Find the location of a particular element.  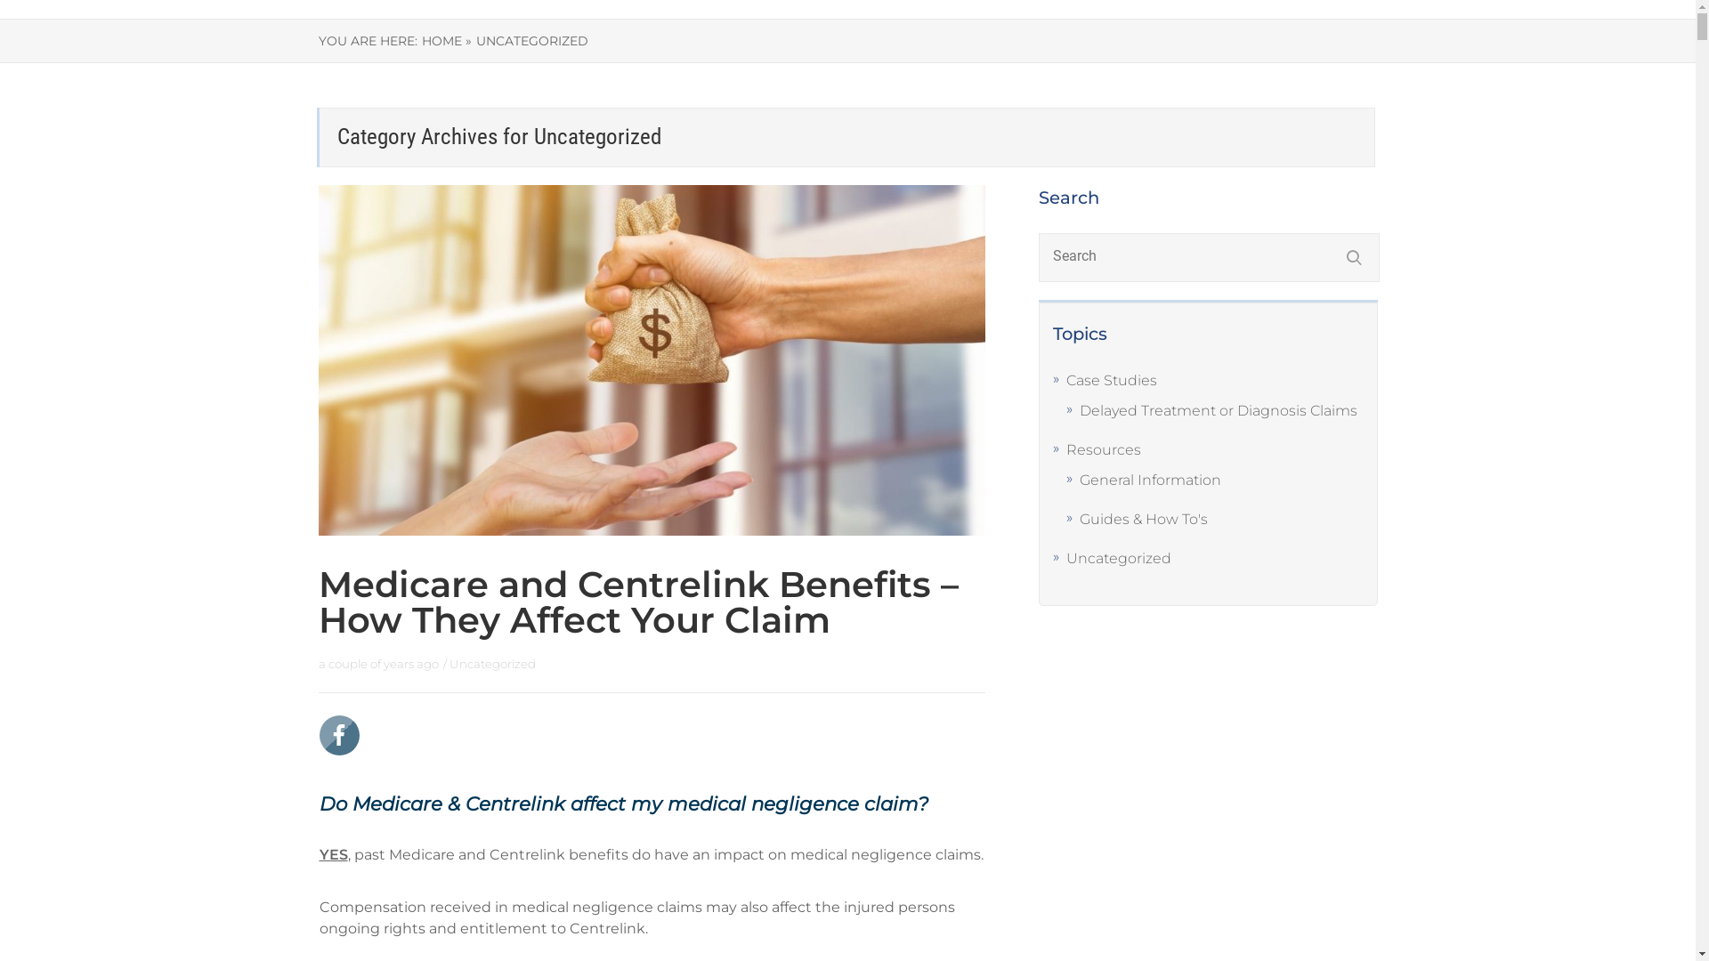

'Delayed Treatment or Diagnosis Claims' is located at coordinates (1217, 410).